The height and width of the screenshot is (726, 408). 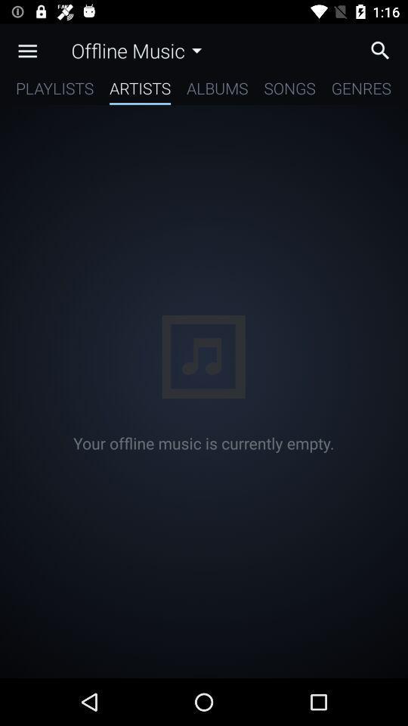 What do you see at coordinates (384, 50) in the screenshot?
I see `search` at bounding box center [384, 50].